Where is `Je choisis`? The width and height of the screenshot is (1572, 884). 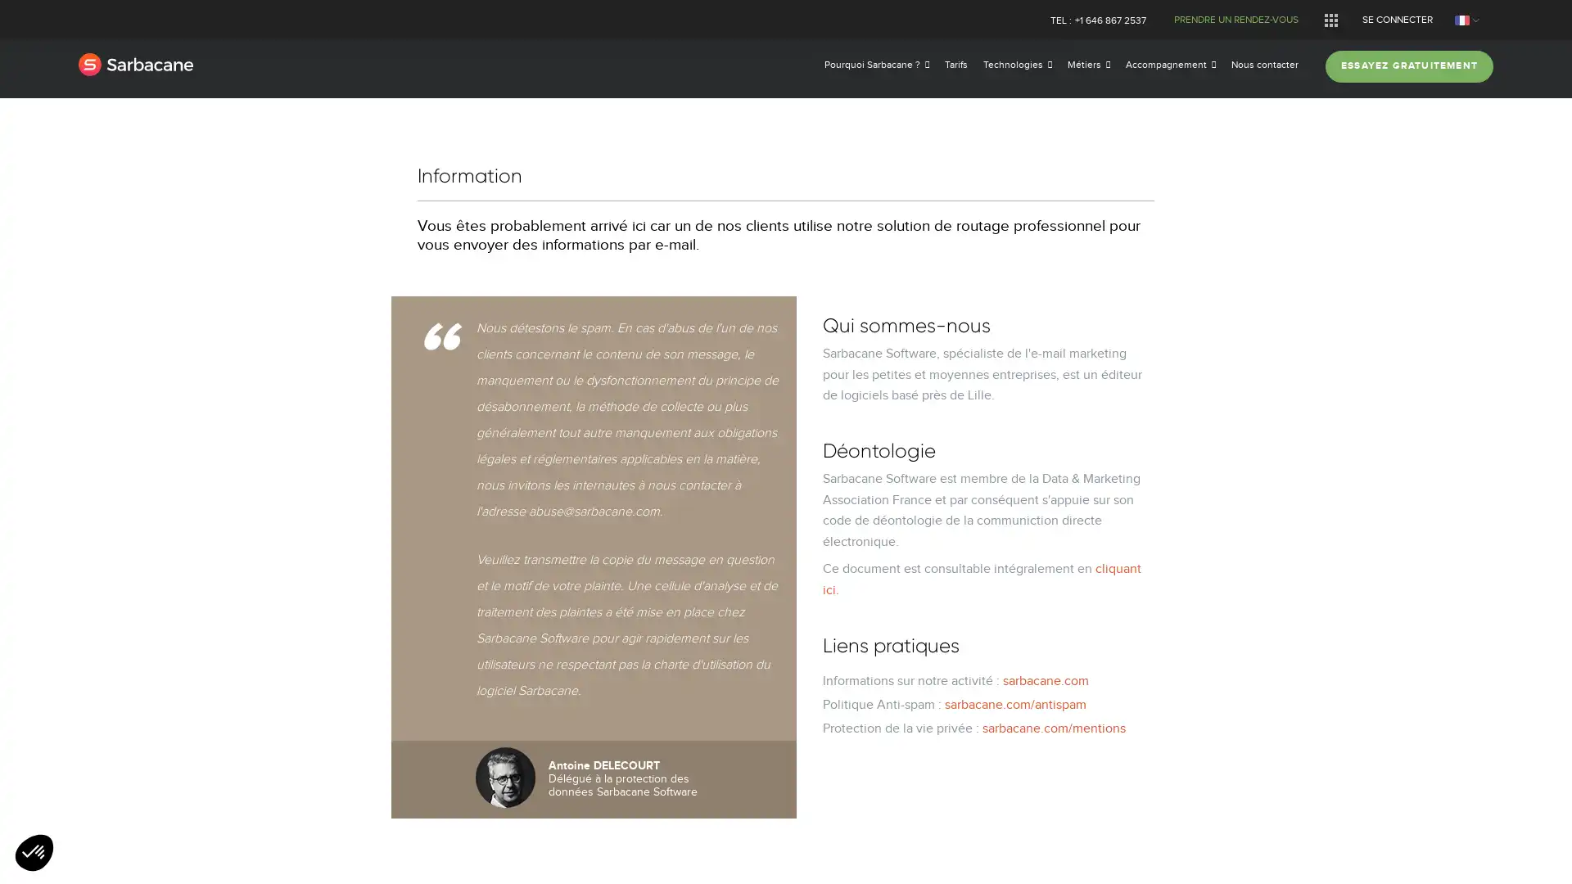 Je choisis is located at coordinates (786, 553).